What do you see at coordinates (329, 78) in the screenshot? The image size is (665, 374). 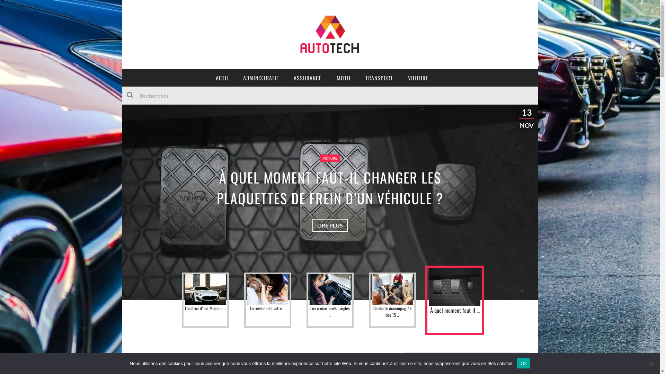 I see `'MOTO'` at bounding box center [329, 78].